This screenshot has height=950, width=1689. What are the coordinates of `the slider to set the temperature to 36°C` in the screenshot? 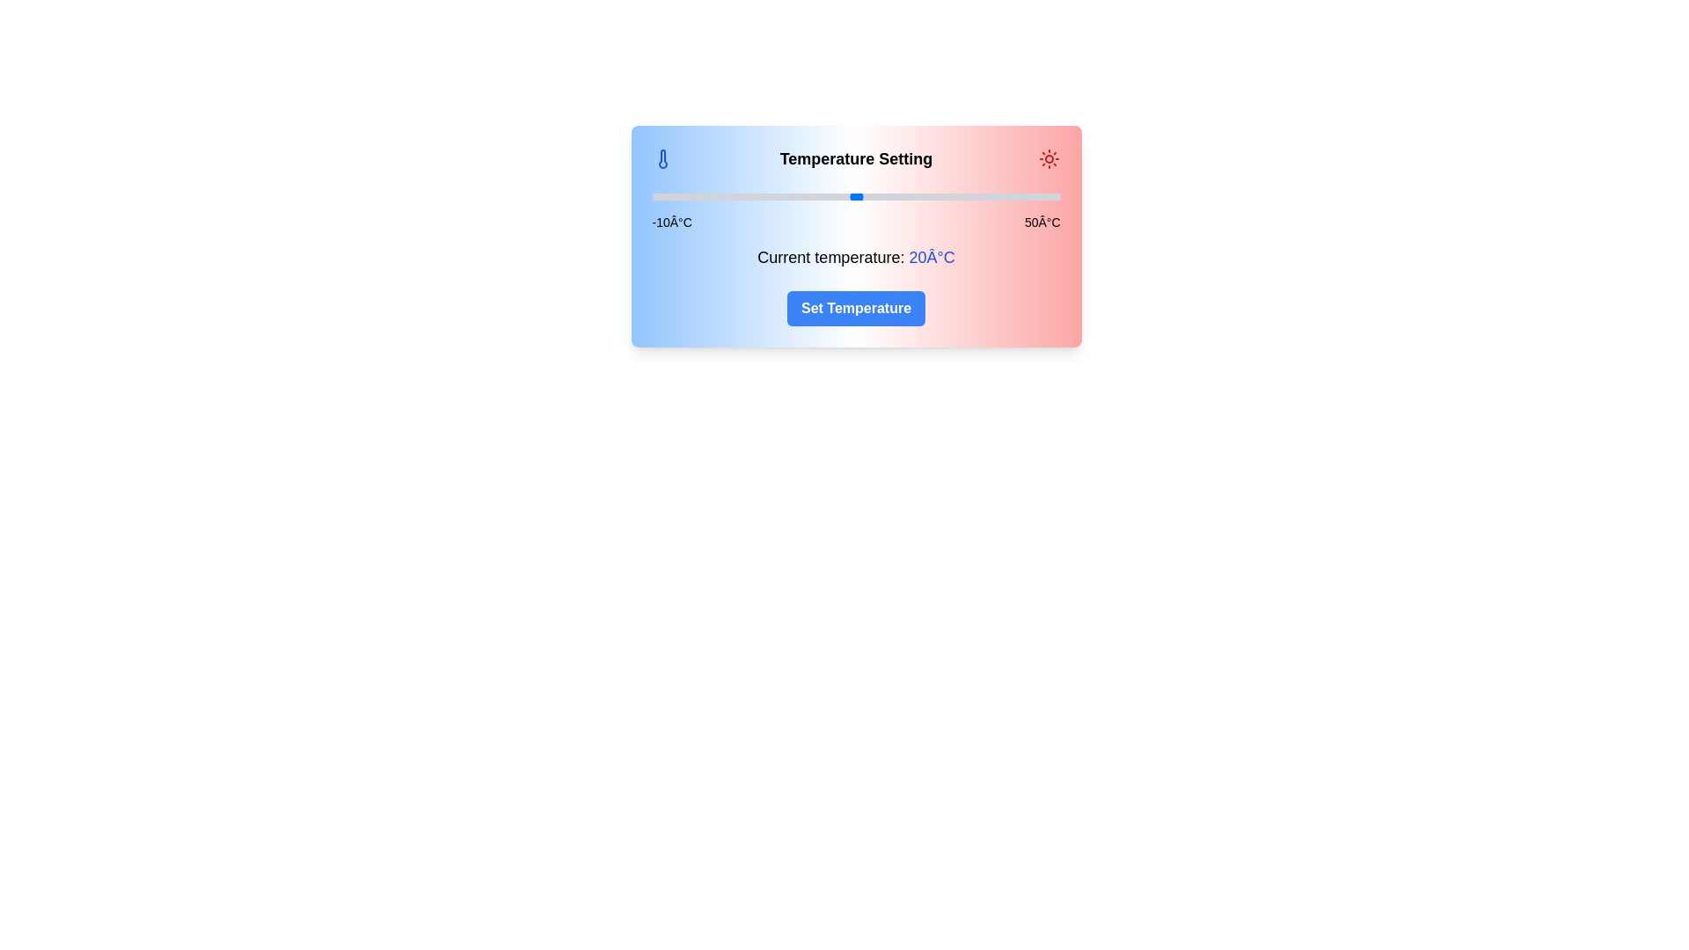 It's located at (964, 196).